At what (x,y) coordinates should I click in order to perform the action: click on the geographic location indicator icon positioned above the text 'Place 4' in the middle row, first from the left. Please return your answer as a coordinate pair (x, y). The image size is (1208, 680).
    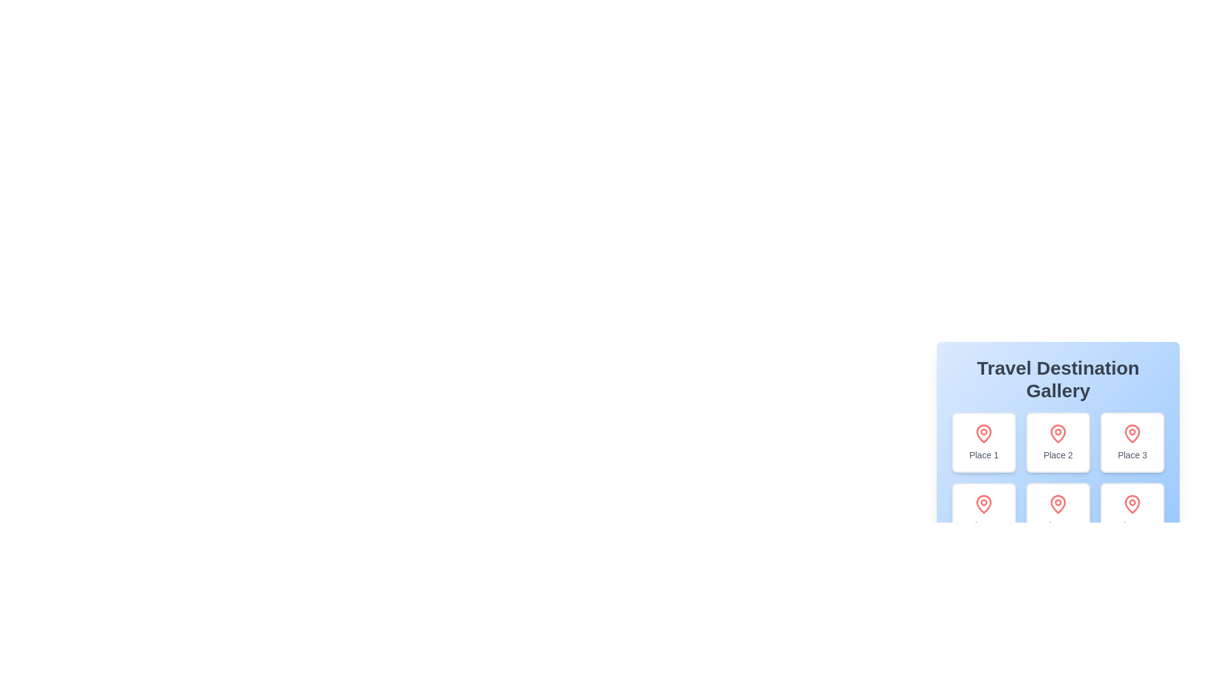
    Looking at the image, I should click on (983, 504).